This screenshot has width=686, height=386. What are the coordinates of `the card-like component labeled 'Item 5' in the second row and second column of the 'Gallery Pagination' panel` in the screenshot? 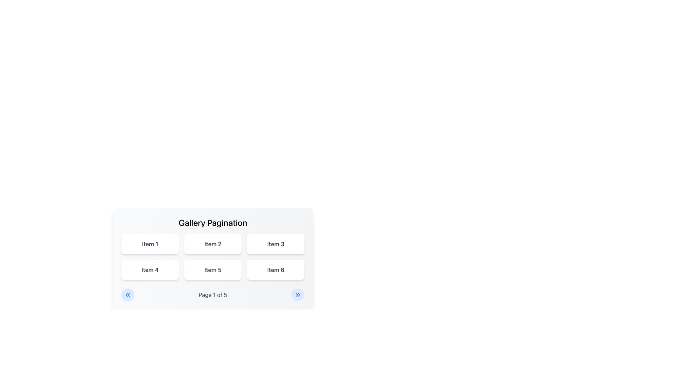 It's located at (212, 259).